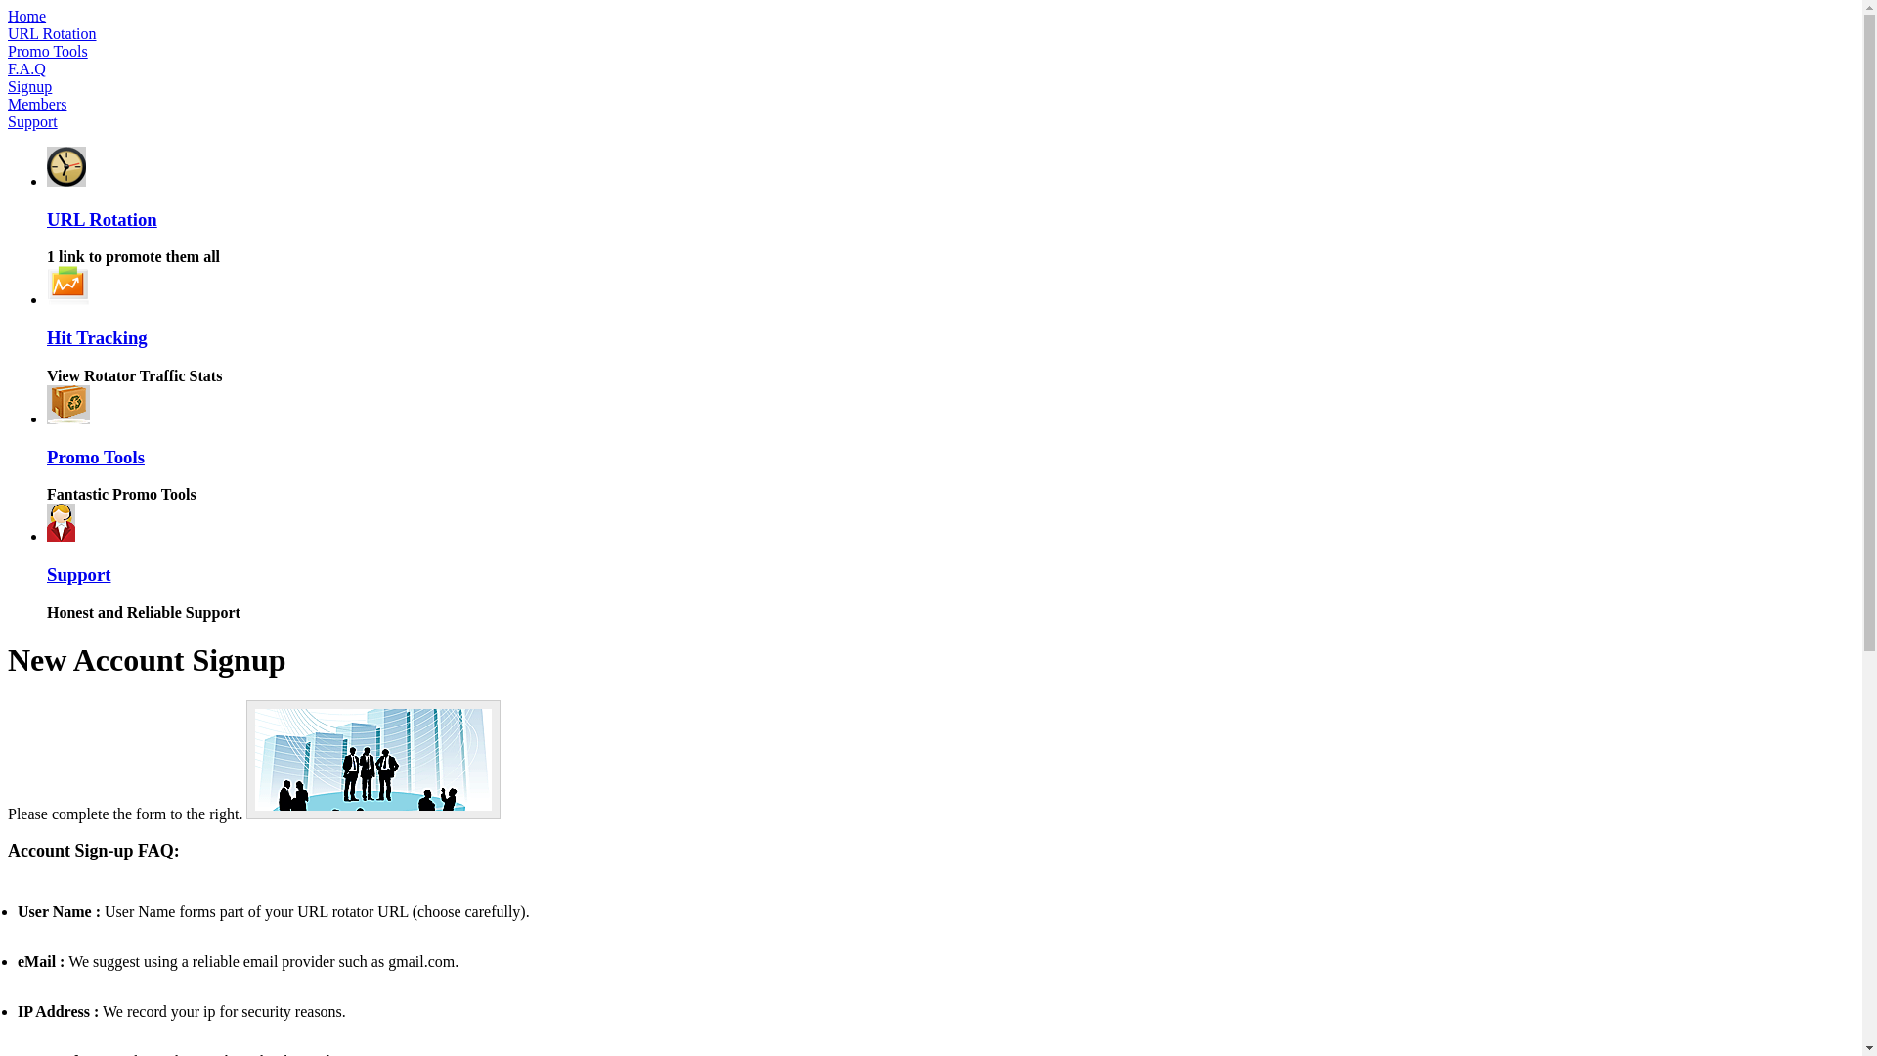 The width and height of the screenshot is (1877, 1056). I want to click on 'Support', so click(78, 573).